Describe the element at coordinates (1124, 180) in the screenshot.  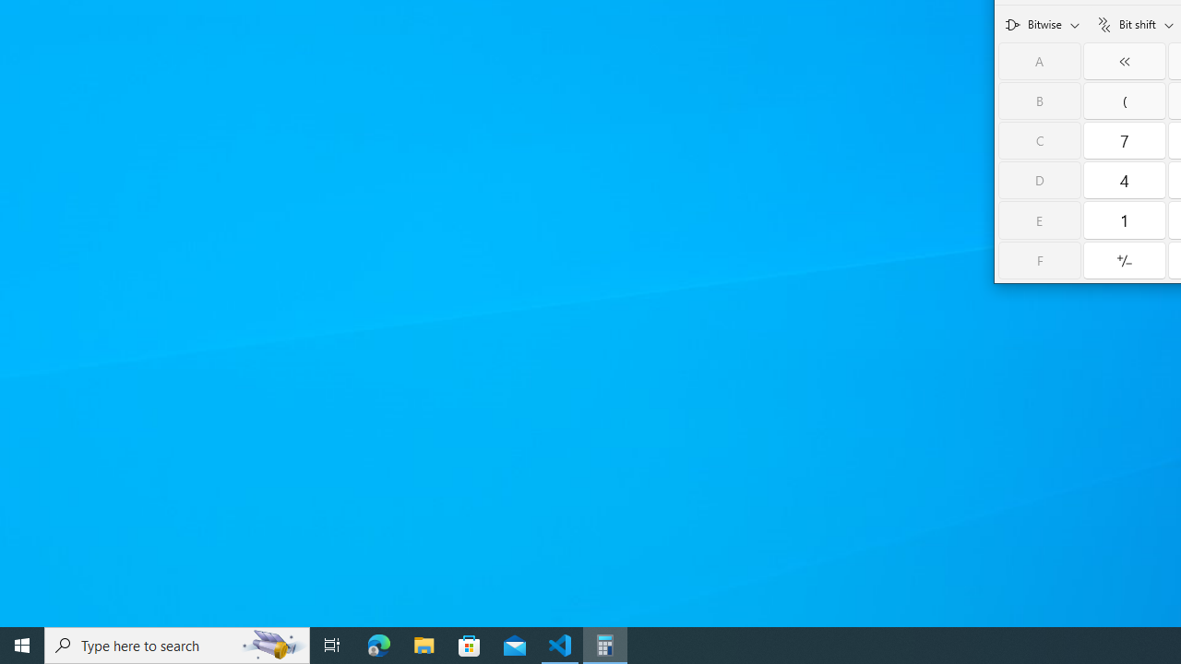
I see `'Four'` at that location.